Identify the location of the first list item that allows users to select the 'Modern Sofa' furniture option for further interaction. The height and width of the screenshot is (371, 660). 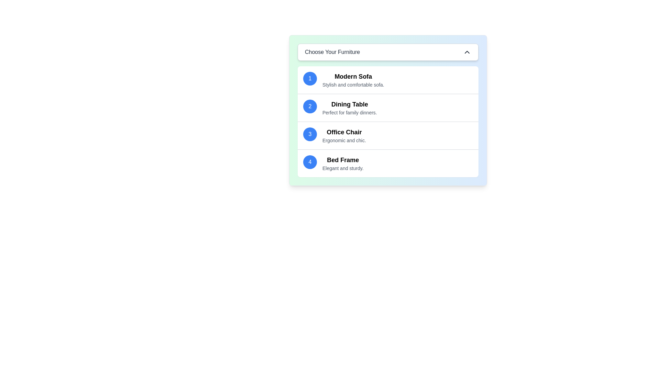
(388, 79).